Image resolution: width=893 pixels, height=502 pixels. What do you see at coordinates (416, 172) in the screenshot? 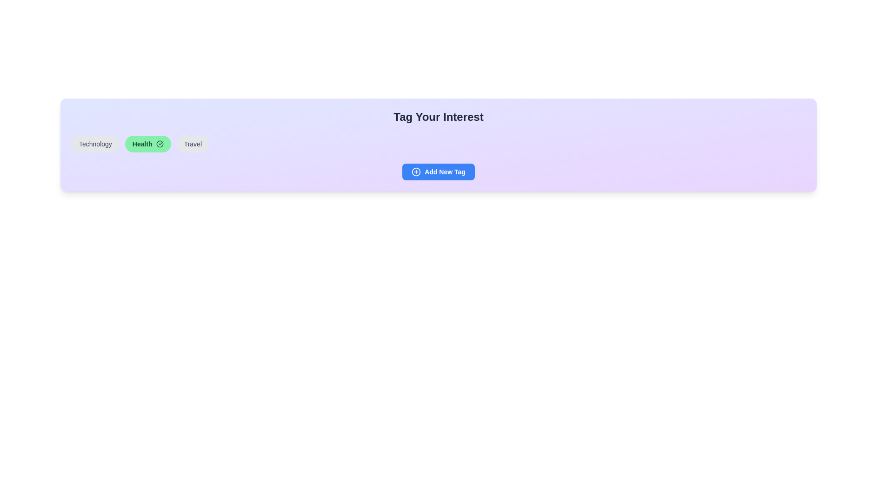
I see `the icon representing the function of adding a new item, located to the left of the text 'Add New Tag' inside a blue button` at bounding box center [416, 172].